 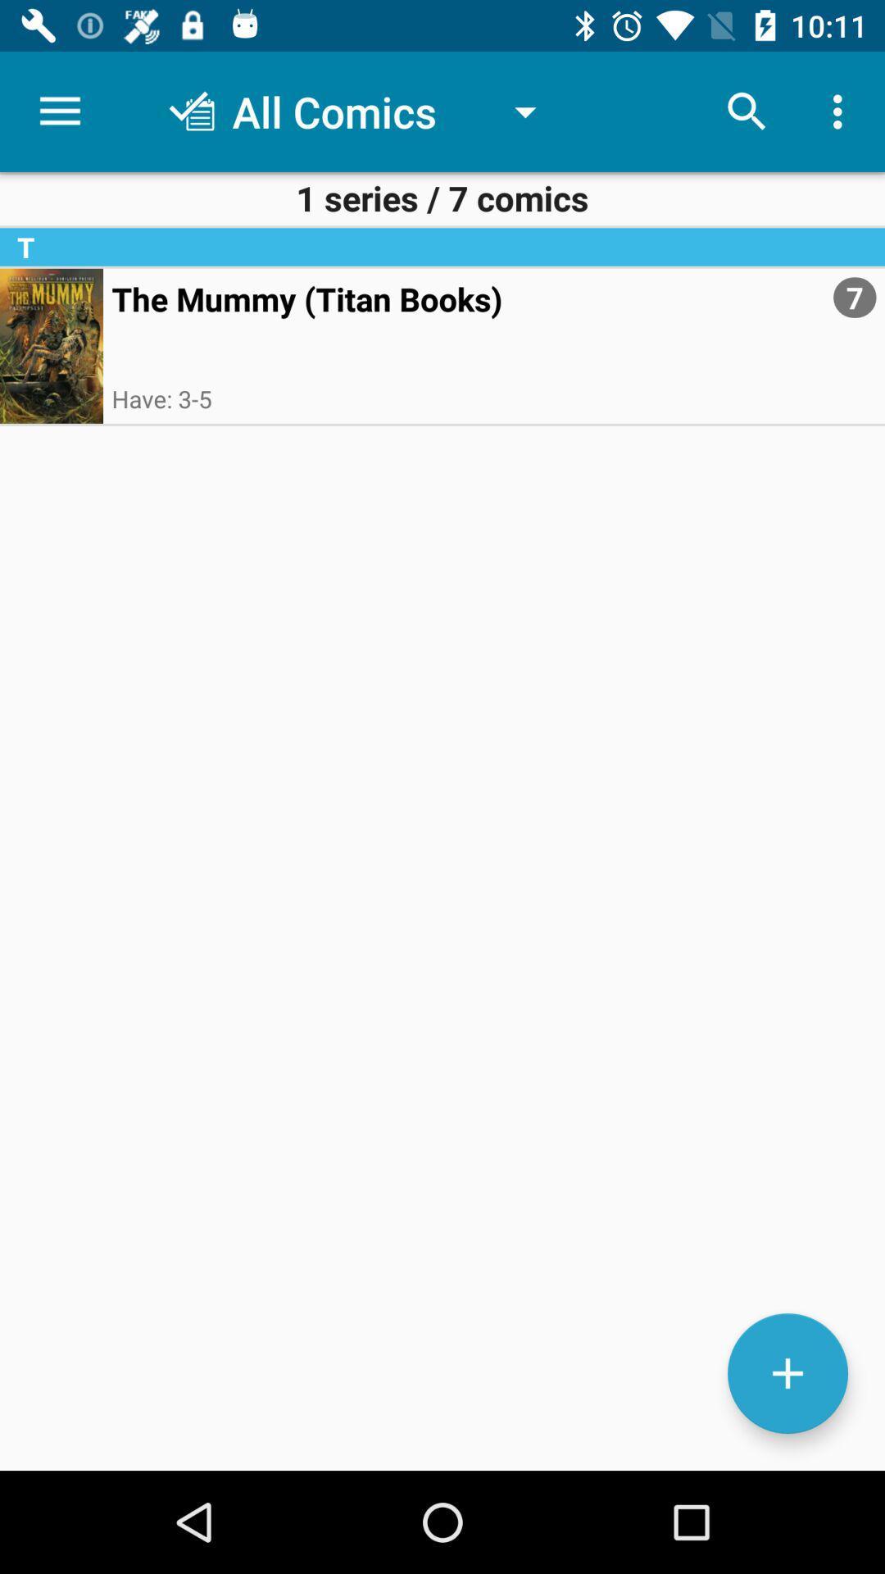 I want to click on a book to the list, so click(x=787, y=1373).